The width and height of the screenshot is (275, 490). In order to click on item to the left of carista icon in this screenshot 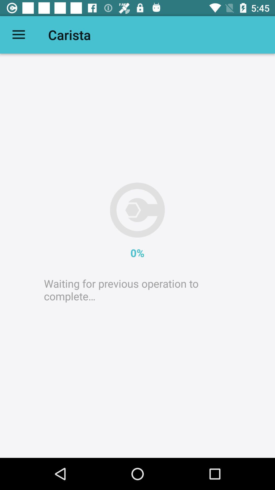, I will do `click(18, 34)`.